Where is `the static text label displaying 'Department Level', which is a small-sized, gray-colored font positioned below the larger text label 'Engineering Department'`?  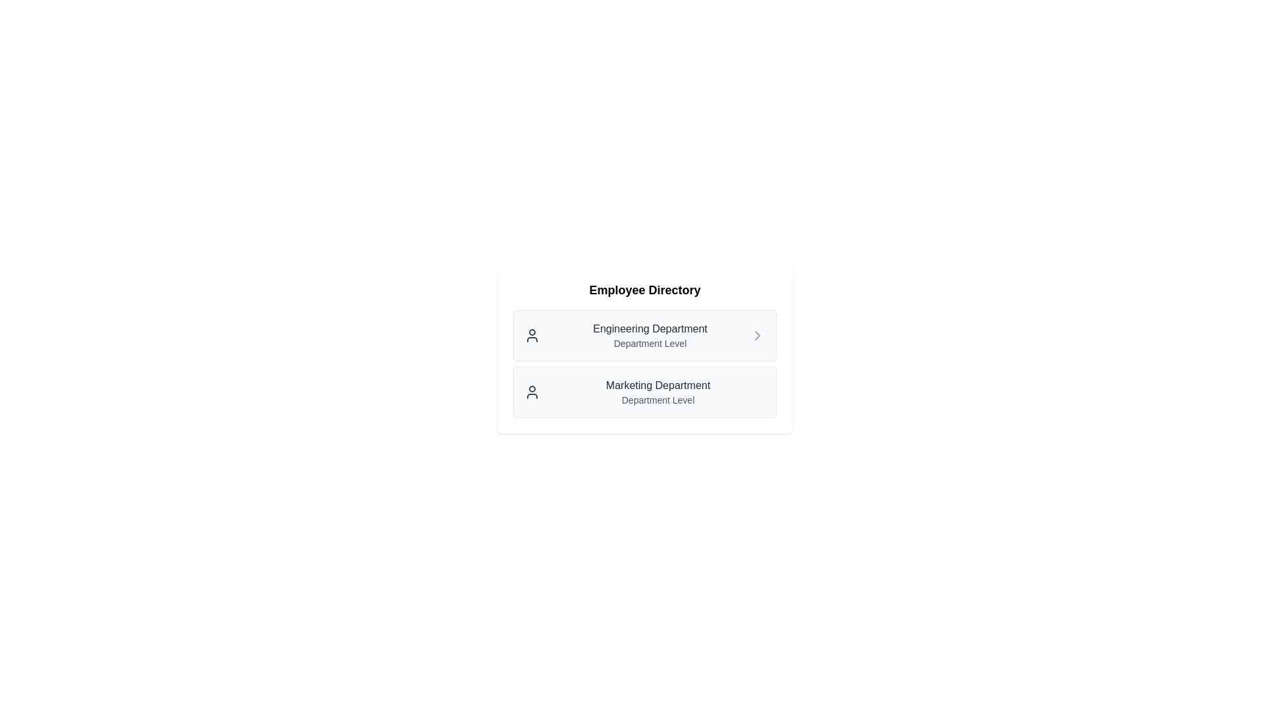
the static text label displaying 'Department Level', which is a small-sized, gray-colored font positioned below the larger text label 'Engineering Department' is located at coordinates (650, 342).